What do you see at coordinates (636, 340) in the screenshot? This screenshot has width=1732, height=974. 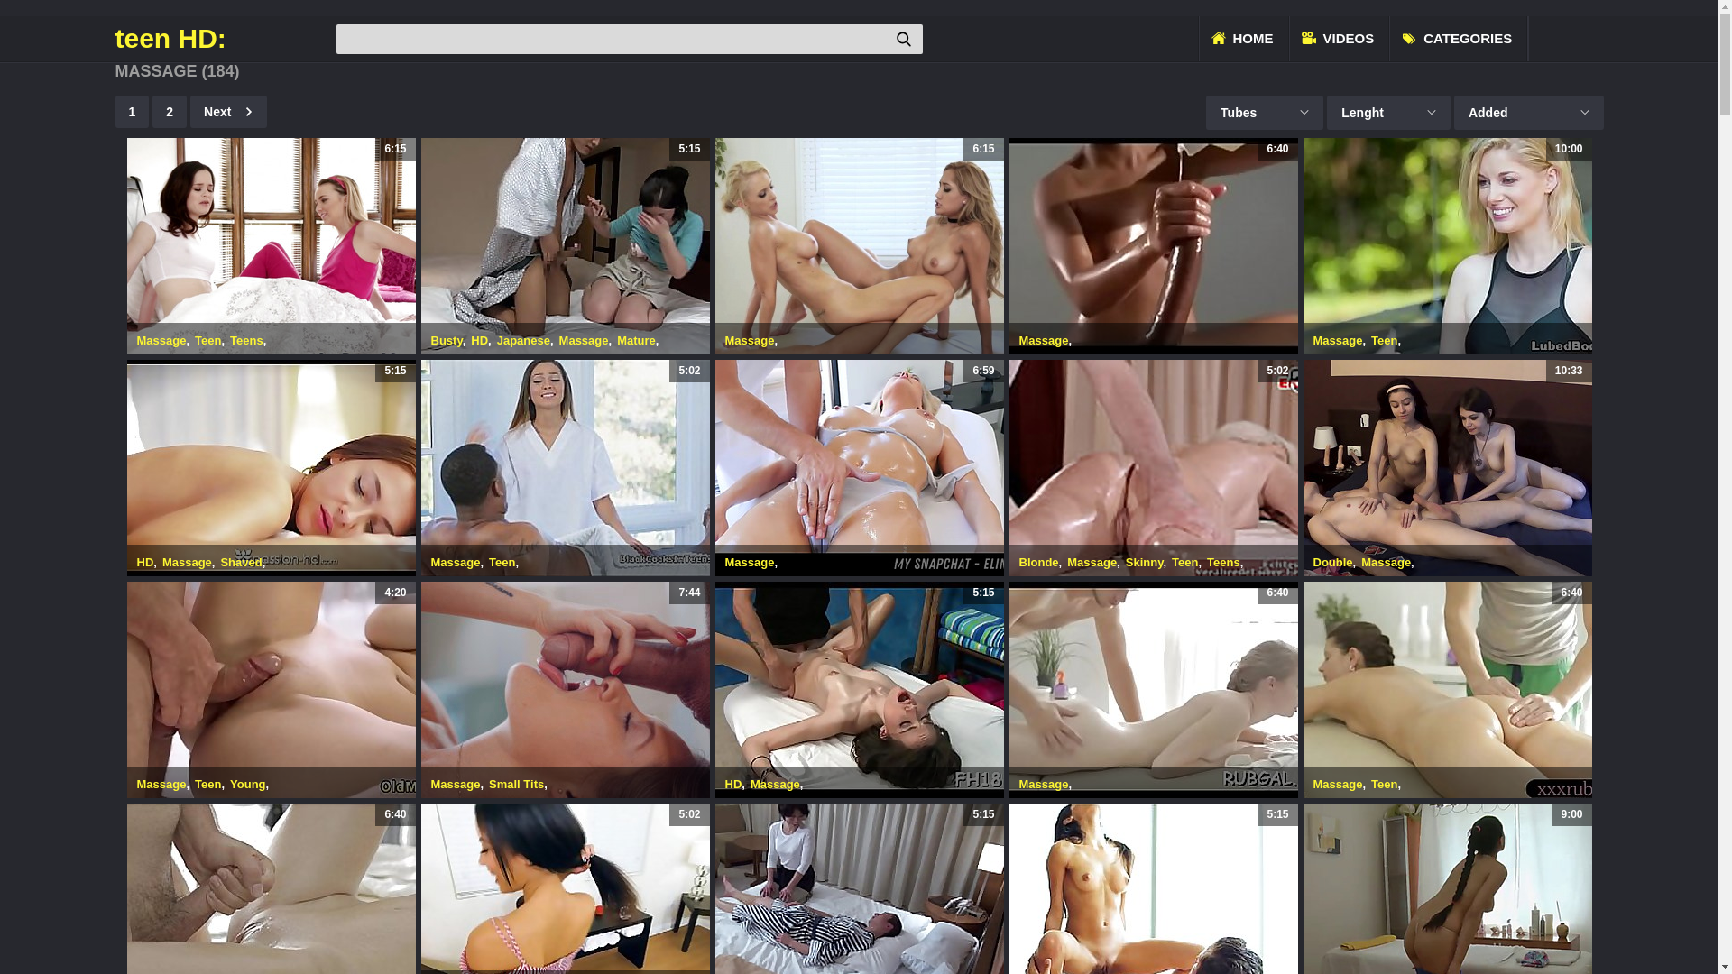 I see `'Mature'` at bounding box center [636, 340].